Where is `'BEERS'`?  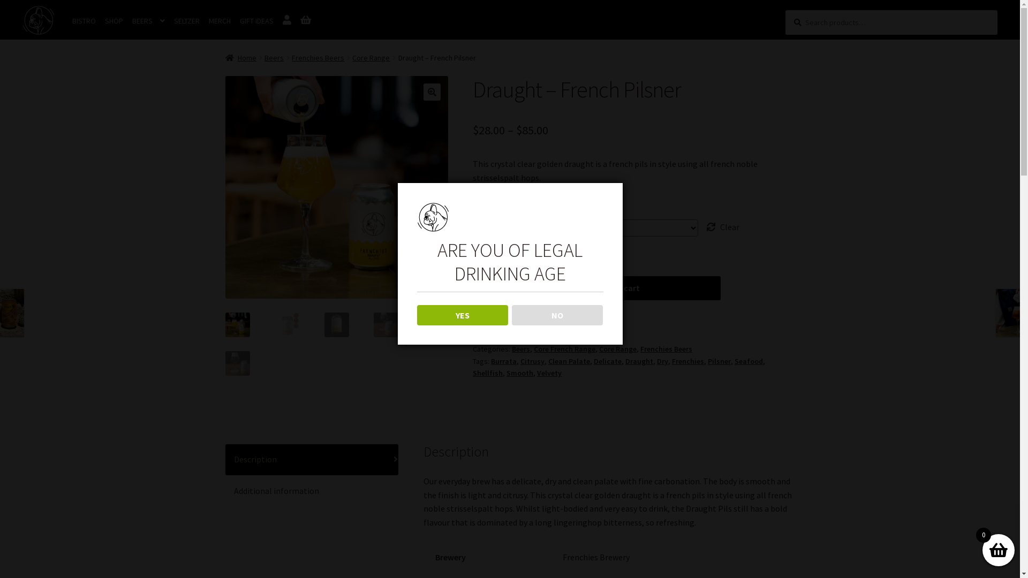
'BEERS' is located at coordinates (148, 21).